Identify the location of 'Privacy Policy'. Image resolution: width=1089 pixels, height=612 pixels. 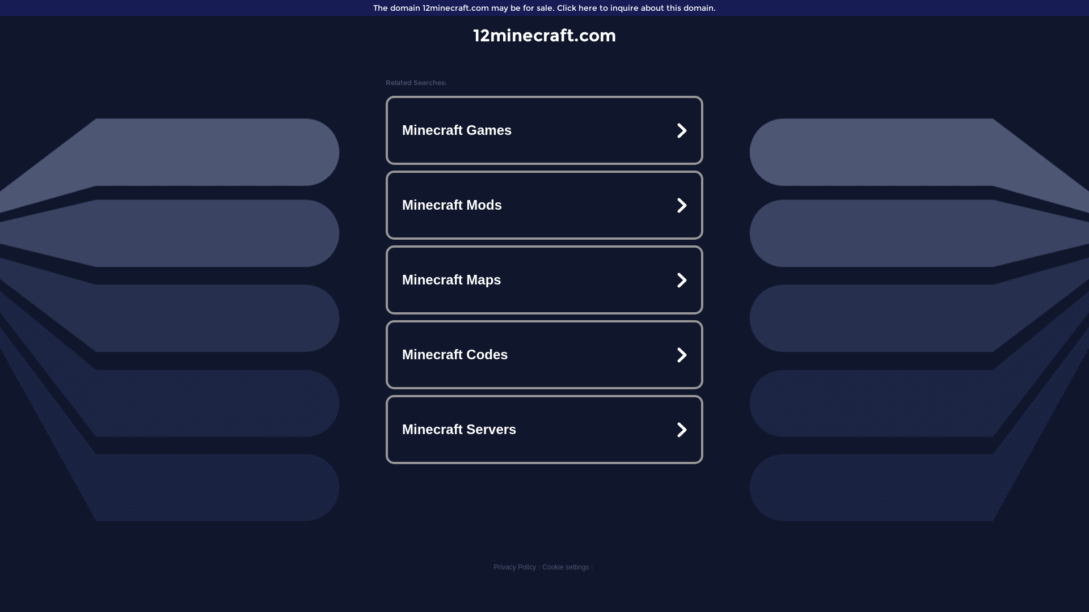
(514, 567).